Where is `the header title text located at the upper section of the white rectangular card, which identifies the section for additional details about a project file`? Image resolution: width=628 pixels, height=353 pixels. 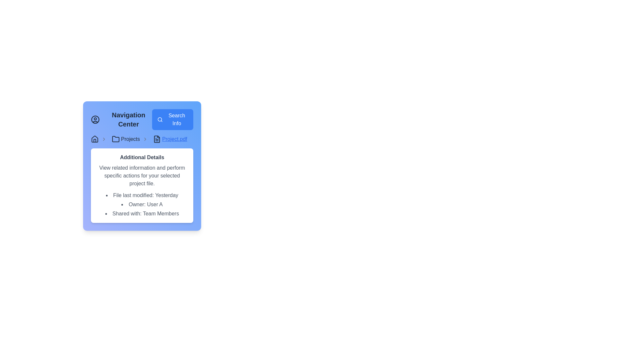 the header title text located at the upper section of the white rectangular card, which identifies the section for additional details about a project file is located at coordinates (142, 158).